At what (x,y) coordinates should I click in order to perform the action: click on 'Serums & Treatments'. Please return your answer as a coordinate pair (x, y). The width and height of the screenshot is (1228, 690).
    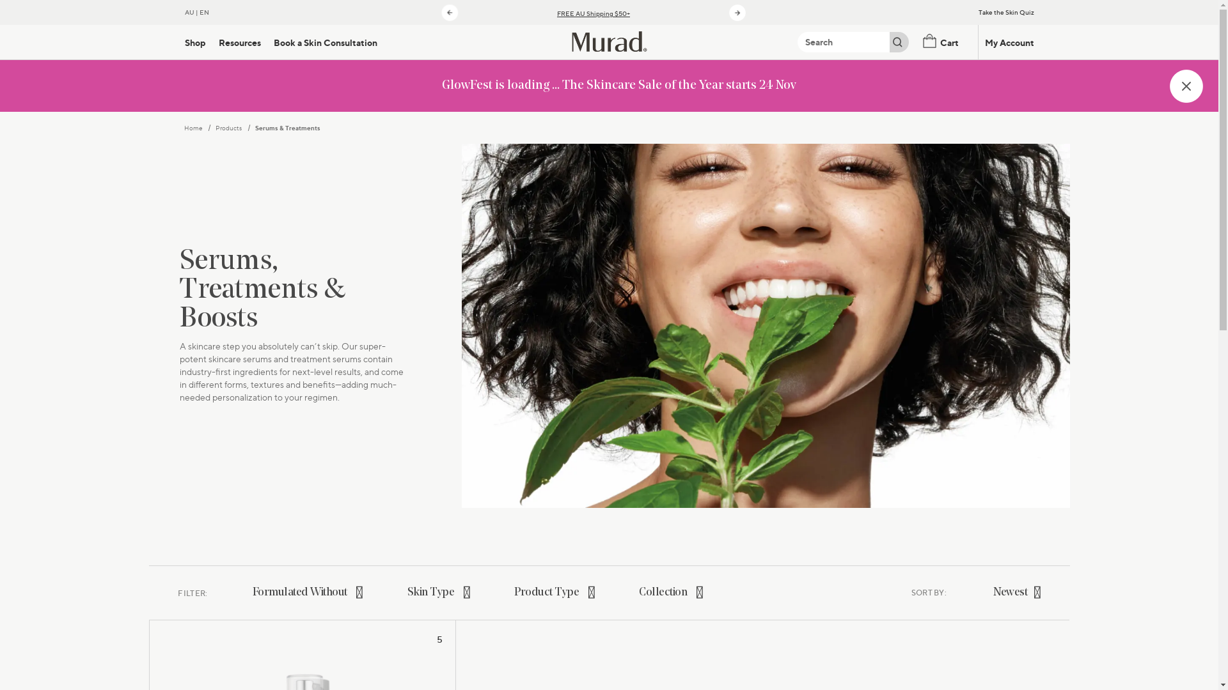
    Looking at the image, I should click on (287, 128).